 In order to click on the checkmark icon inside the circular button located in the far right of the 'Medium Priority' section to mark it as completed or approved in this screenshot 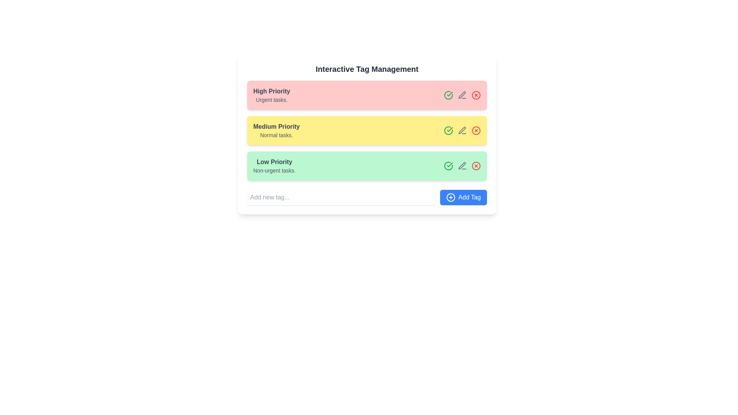, I will do `click(448, 95)`.